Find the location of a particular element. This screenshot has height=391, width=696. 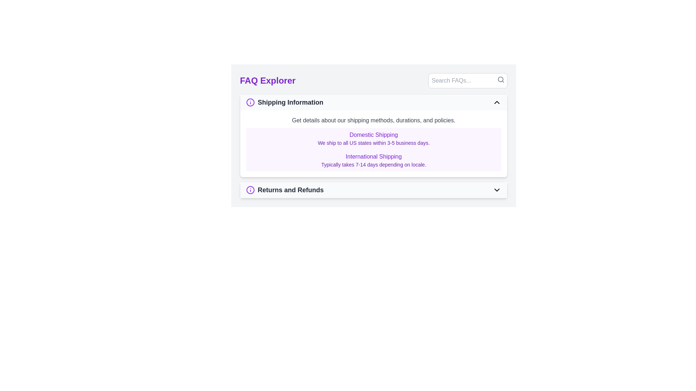

static text displaying 'Get details about our shipping methods, durations, and policies.' located in the 'Shipping Information' section of the FAQ Explorer interface is located at coordinates (374, 120).